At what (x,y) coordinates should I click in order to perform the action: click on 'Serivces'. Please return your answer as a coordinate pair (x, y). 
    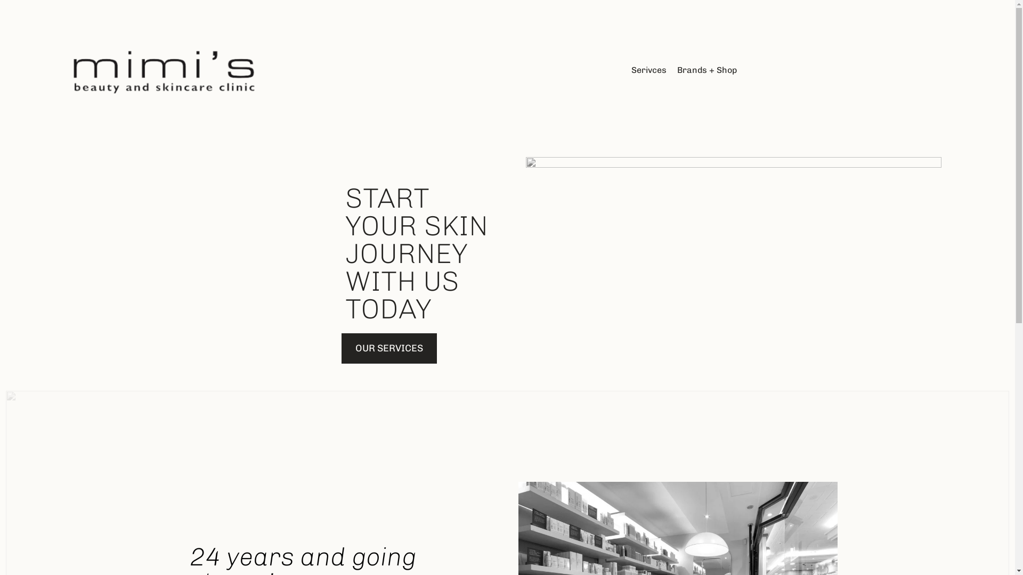
    Looking at the image, I should click on (648, 70).